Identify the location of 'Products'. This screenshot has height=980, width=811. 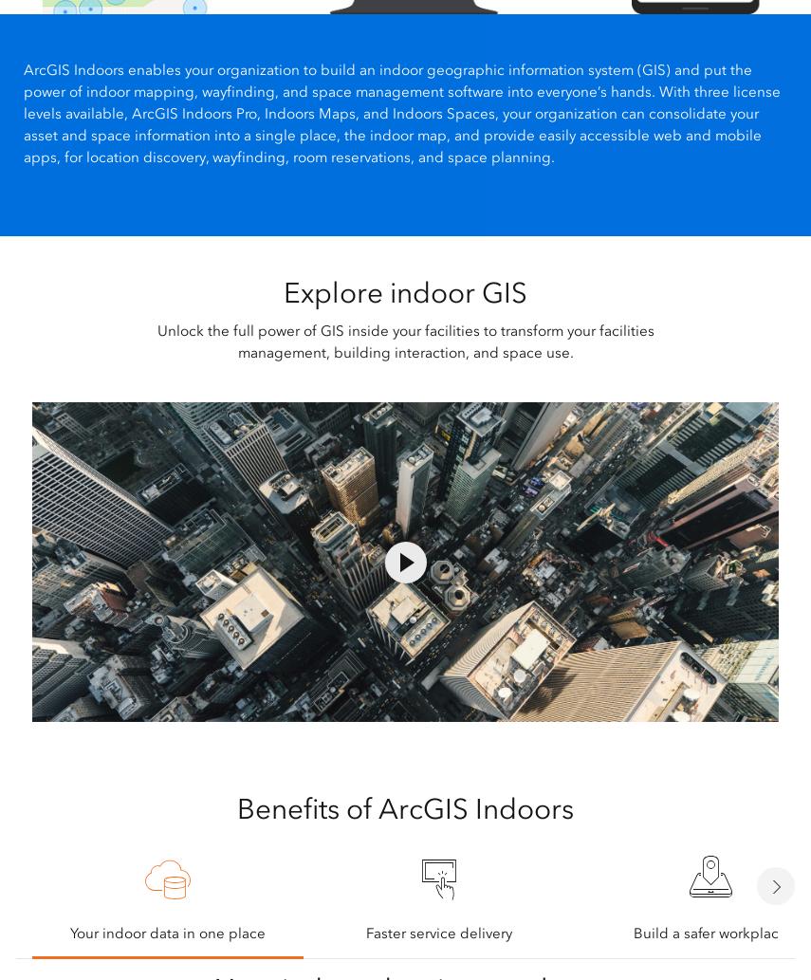
(211, 291).